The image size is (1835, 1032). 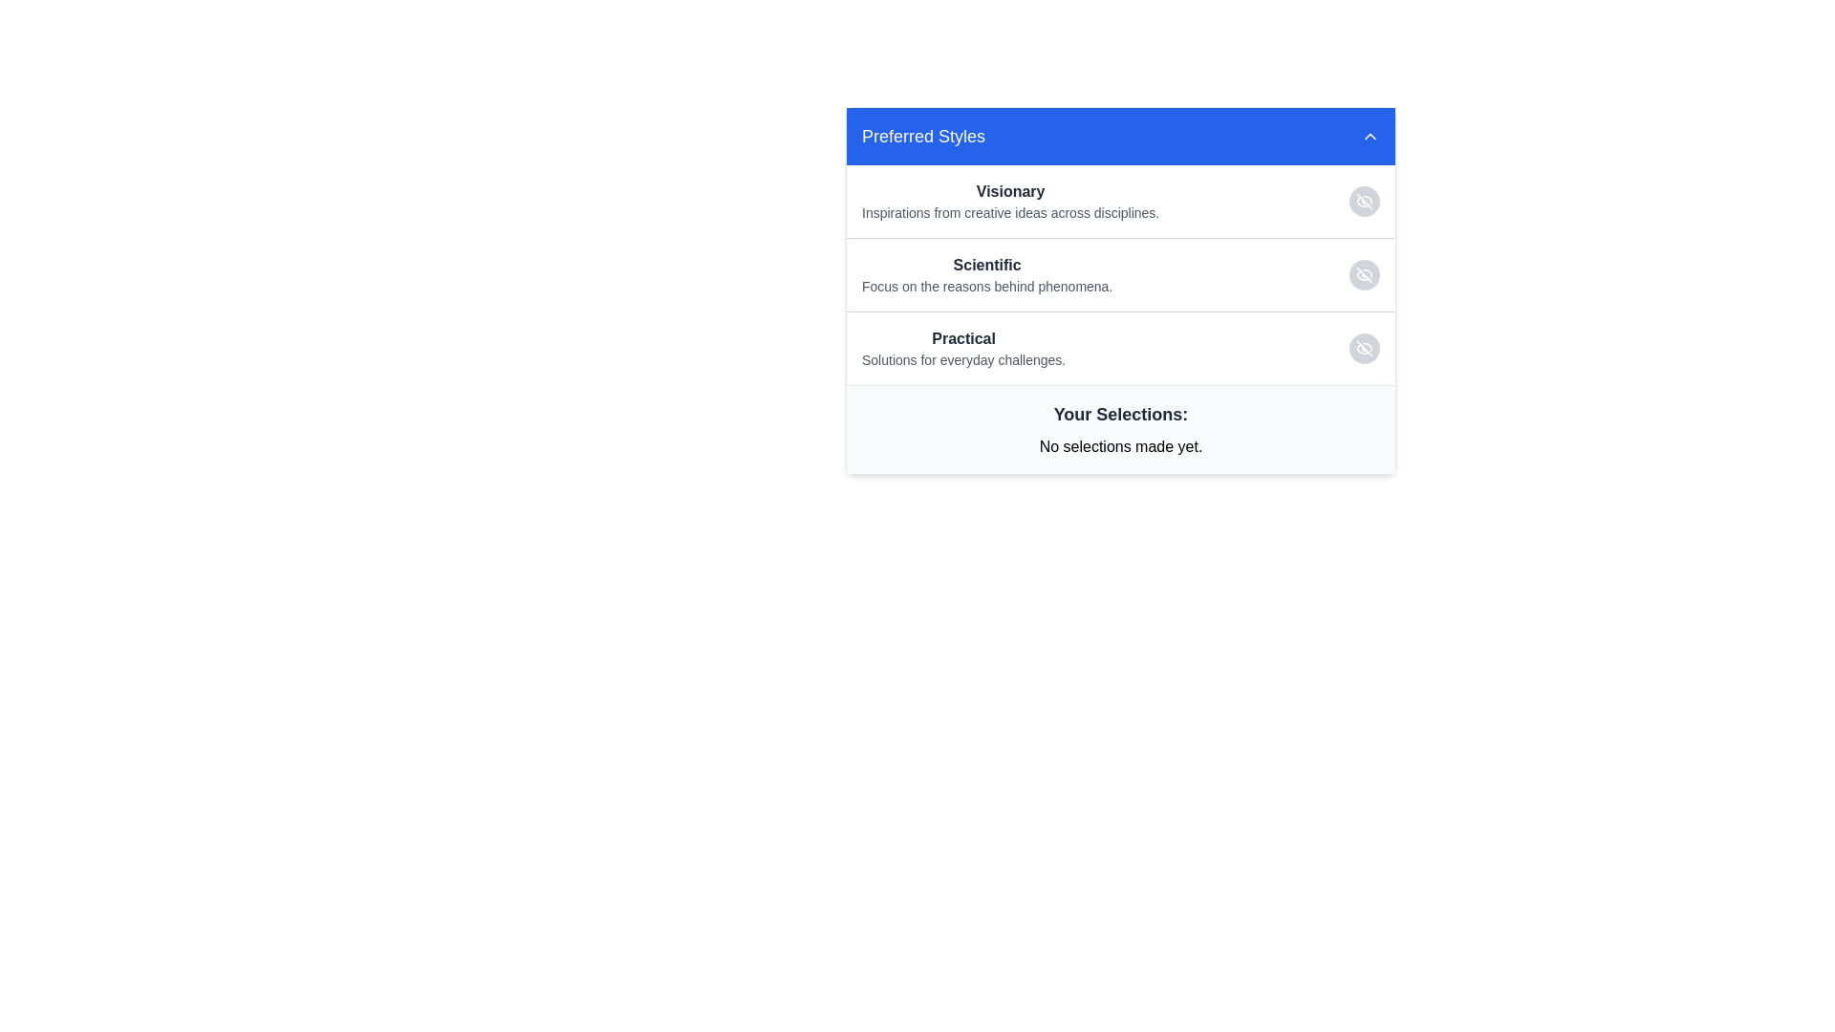 I want to click on the bold text label reading 'Practical', which is prominently positioned above a supporting description text in the 'Preferred Styles' section, so click(x=963, y=337).